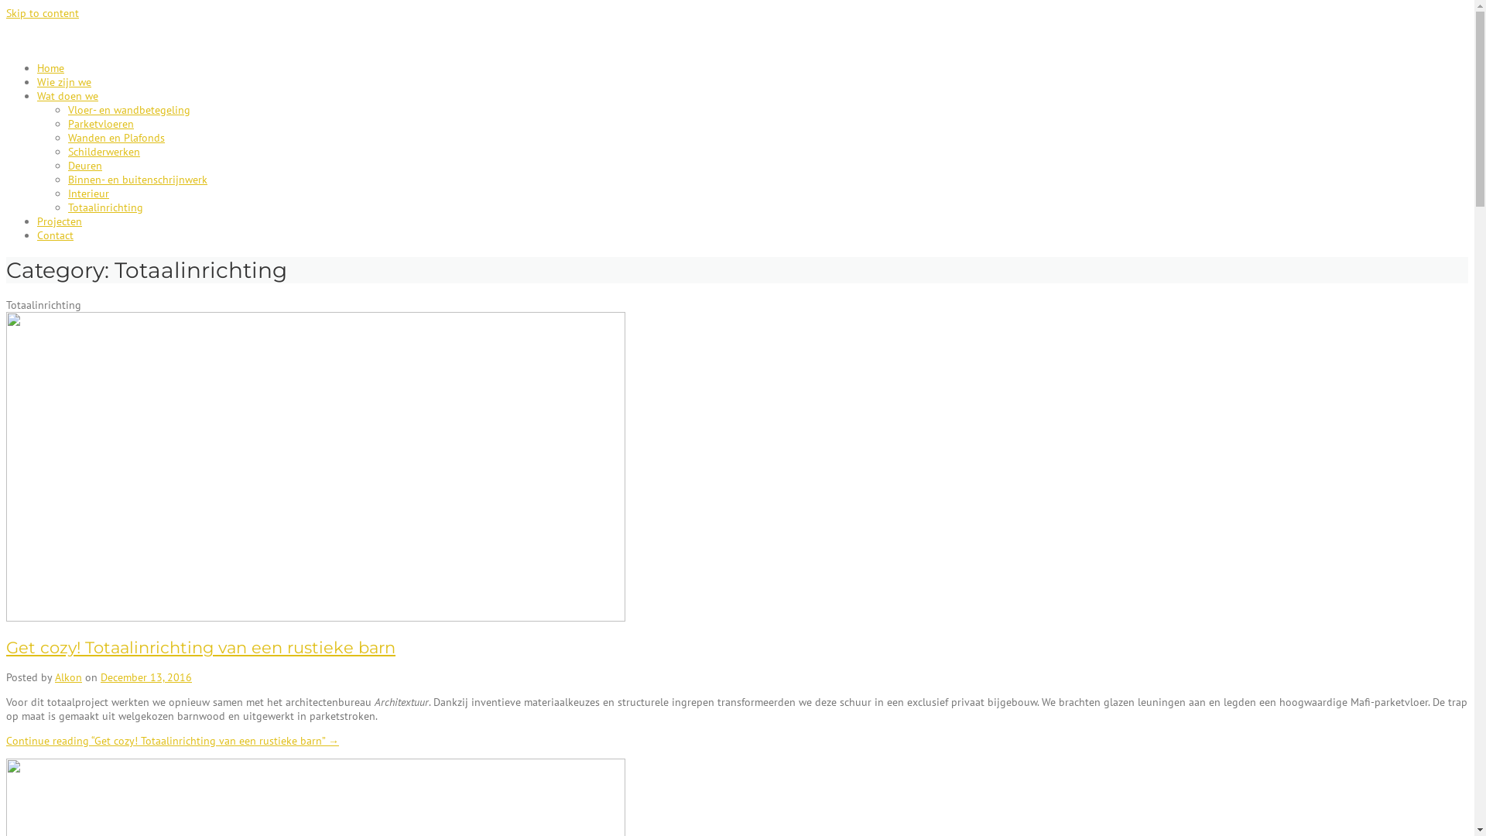 The width and height of the screenshot is (1486, 836). Describe the element at coordinates (67, 95) in the screenshot. I see `'Wat doen we'` at that location.